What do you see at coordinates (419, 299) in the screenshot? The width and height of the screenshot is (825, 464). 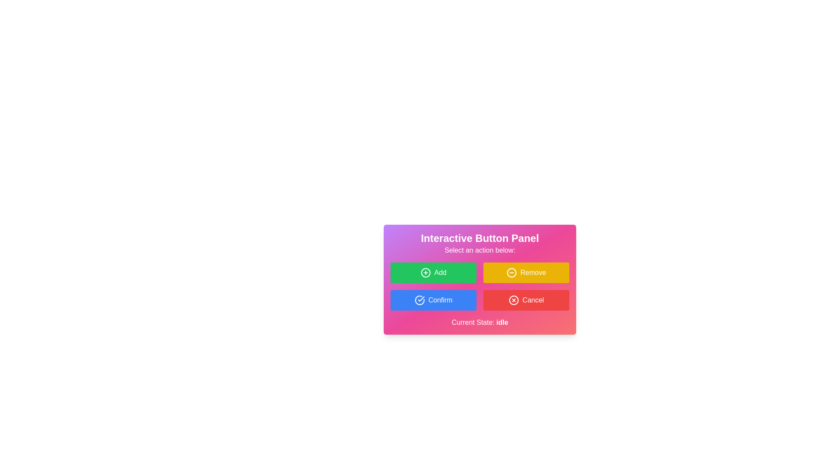 I see `the checkmark icon within the 'Confirm' button, which features a blue background and white stroke outlines, located in the bottom-left part of the button grid` at bounding box center [419, 299].